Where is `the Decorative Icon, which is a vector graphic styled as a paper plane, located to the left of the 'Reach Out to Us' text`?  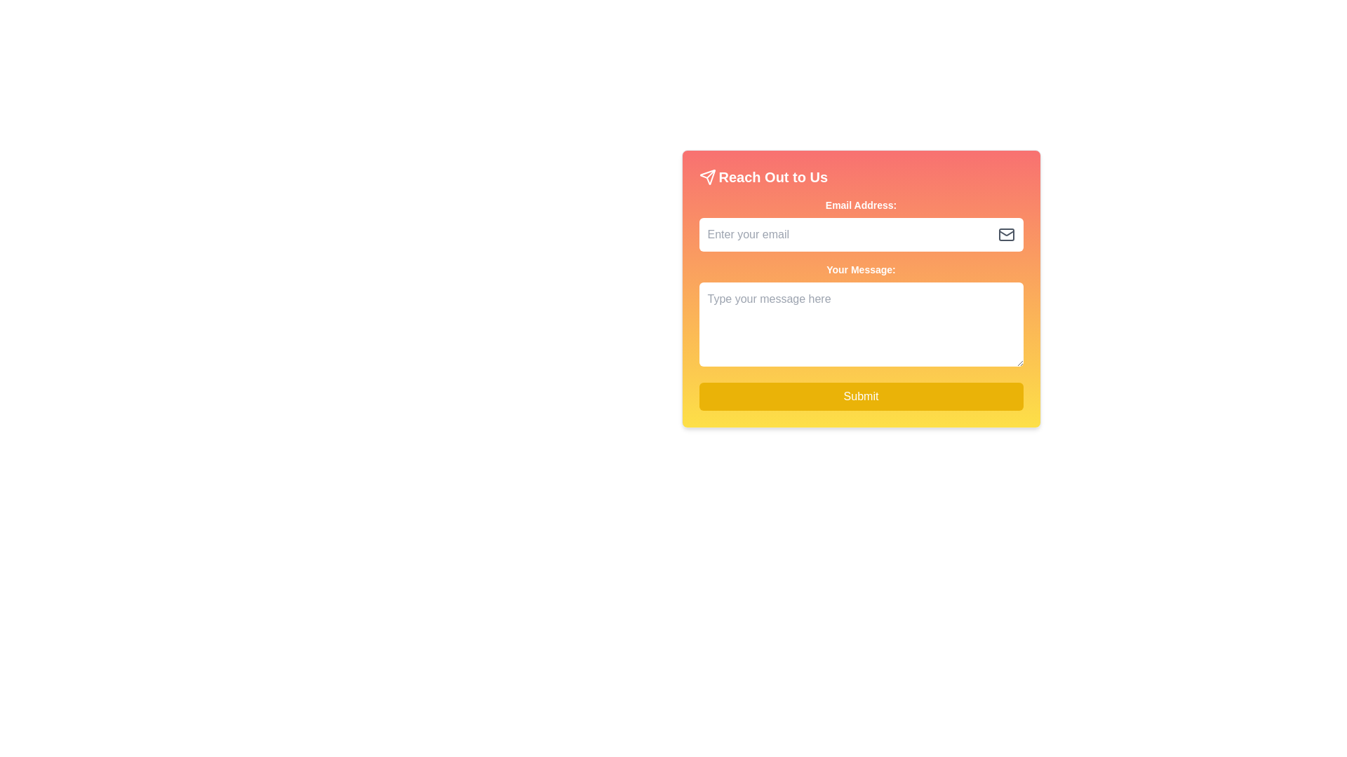 the Decorative Icon, which is a vector graphic styled as a paper plane, located to the left of the 'Reach Out to Us' text is located at coordinates (707, 177).